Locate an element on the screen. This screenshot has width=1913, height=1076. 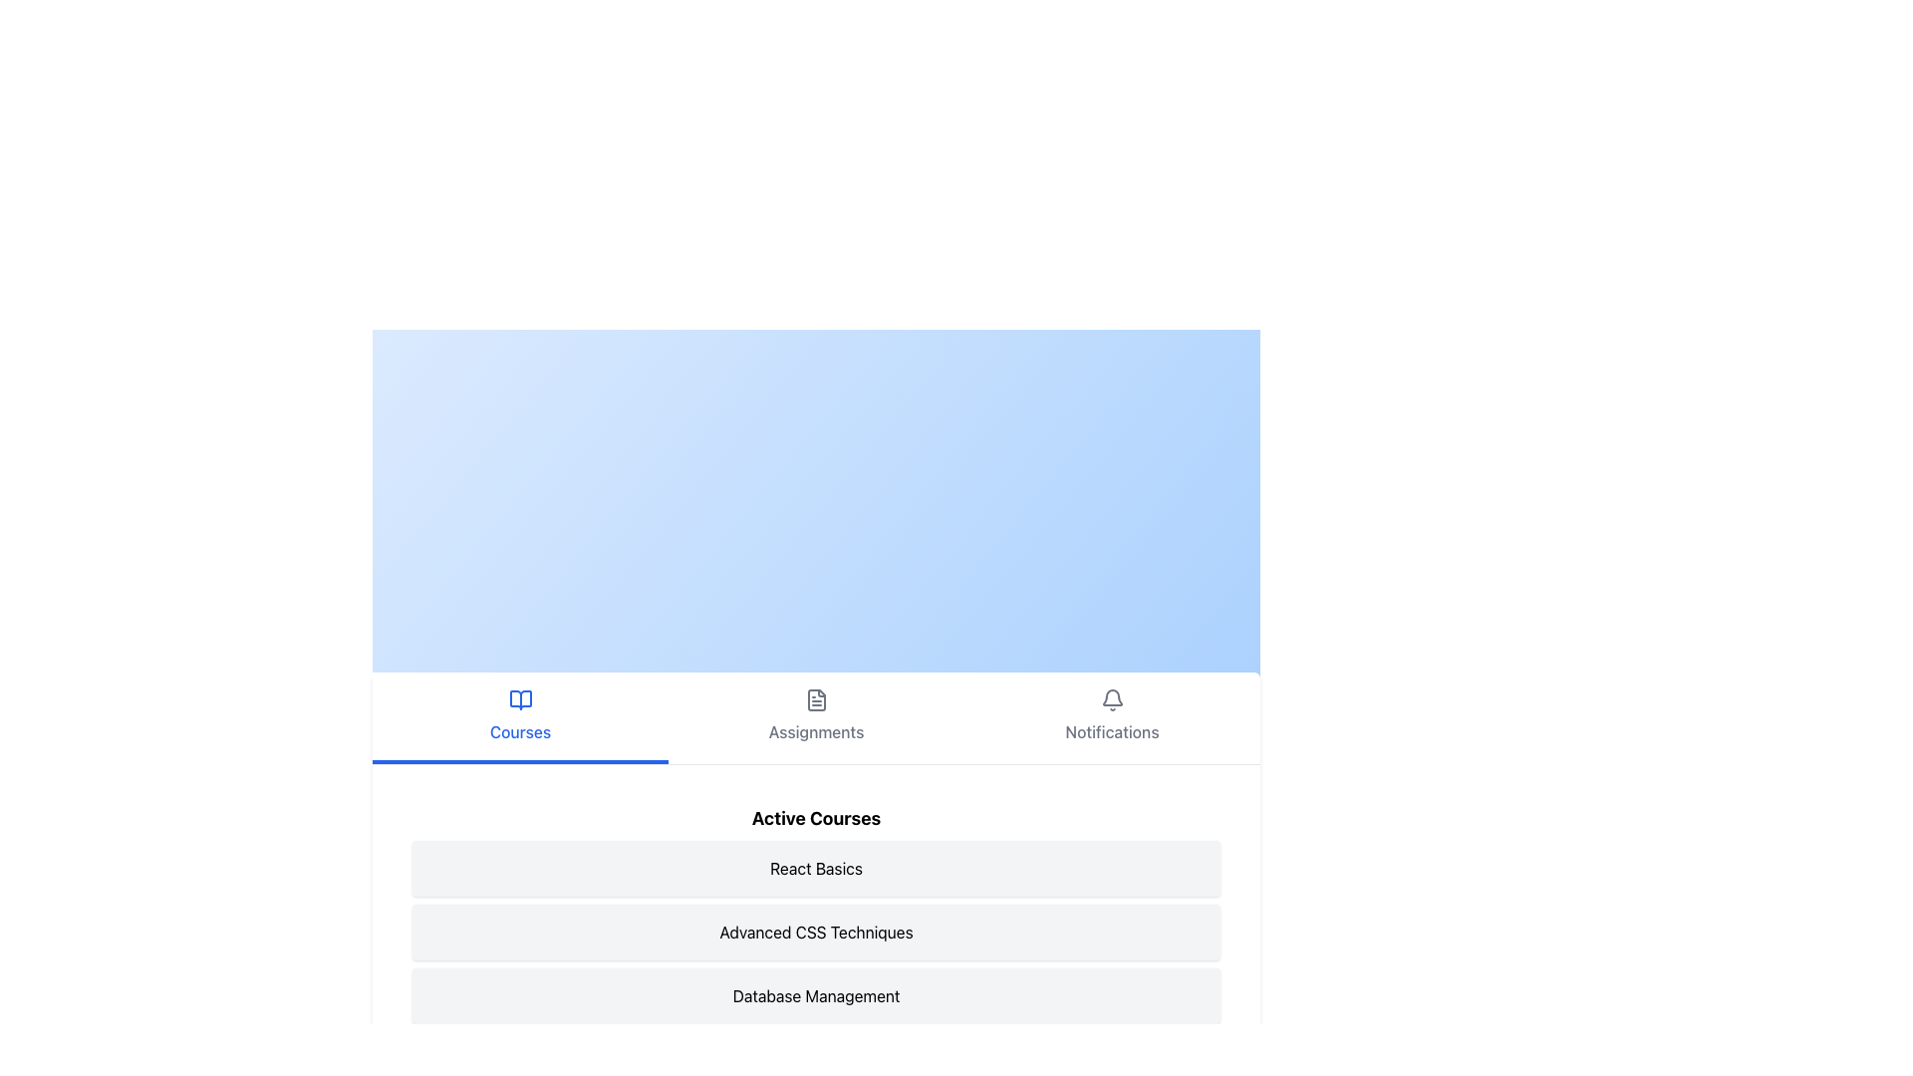
the 'Courses' navigation button located at the bottom of the page's top section is located at coordinates (520, 717).